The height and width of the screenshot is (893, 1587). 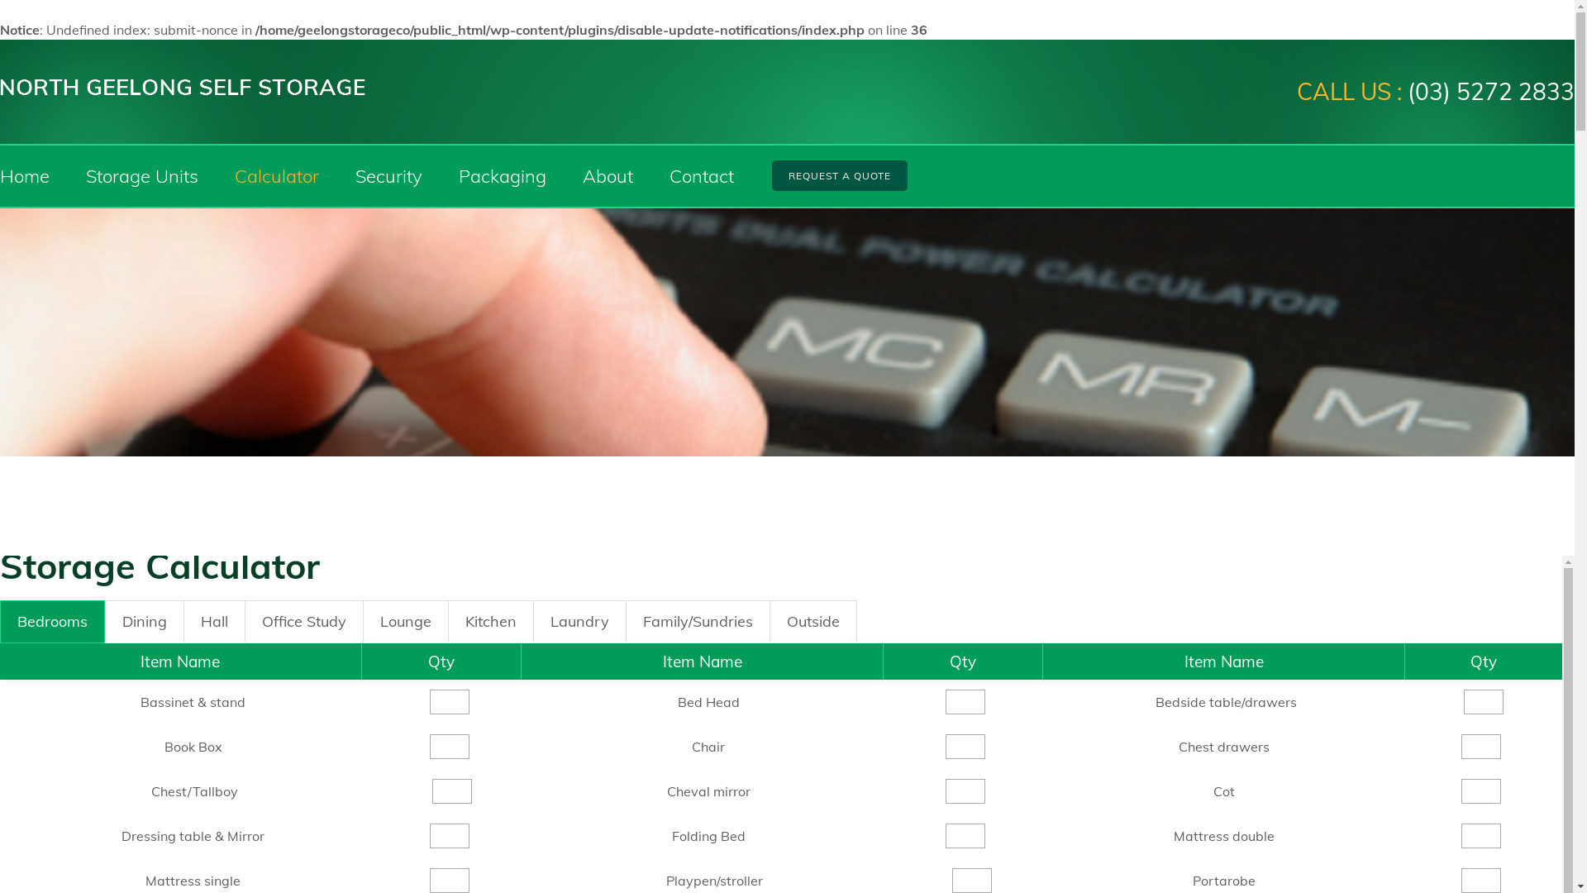 I want to click on 'CALL US : (03) 5272 2833', so click(x=1435, y=92).